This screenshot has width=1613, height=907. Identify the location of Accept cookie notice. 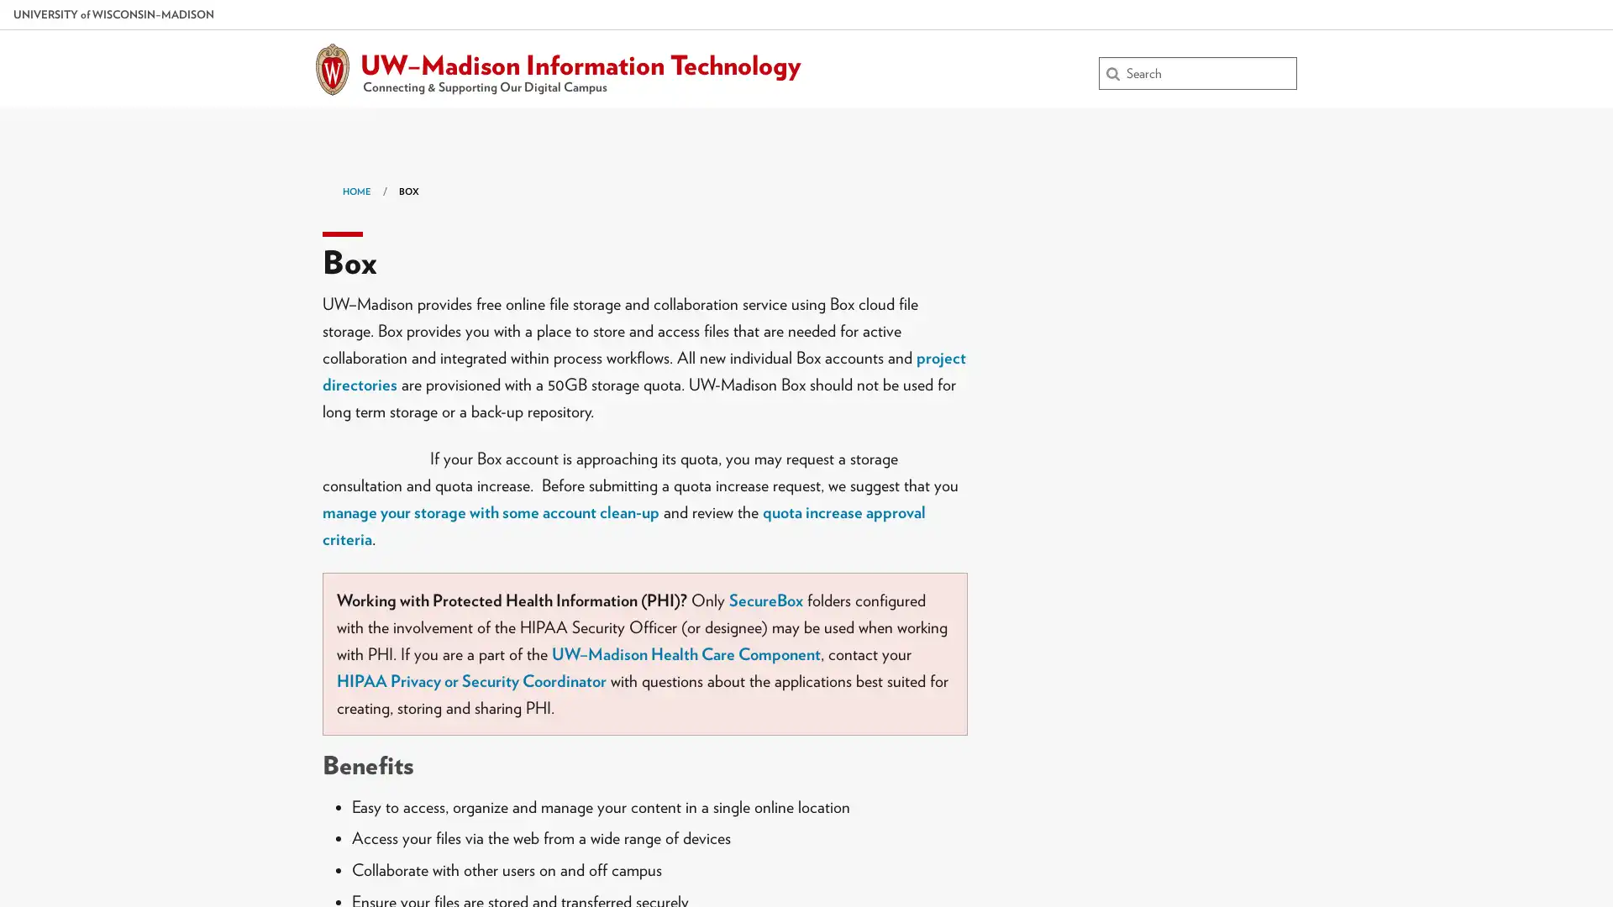
(1515, 858).